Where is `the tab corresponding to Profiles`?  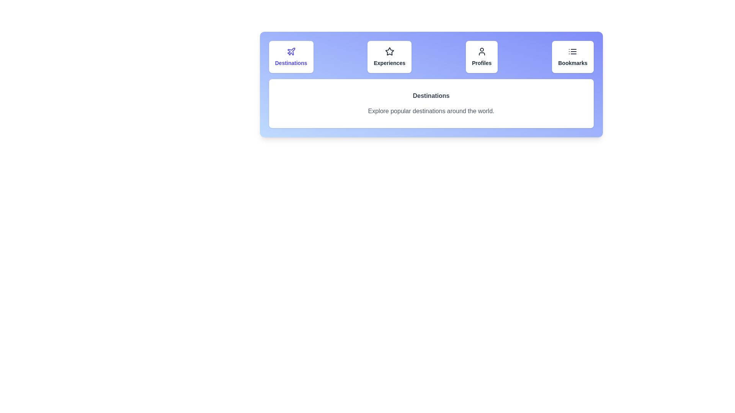 the tab corresponding to Profiles is located at coordinates (481, 57).